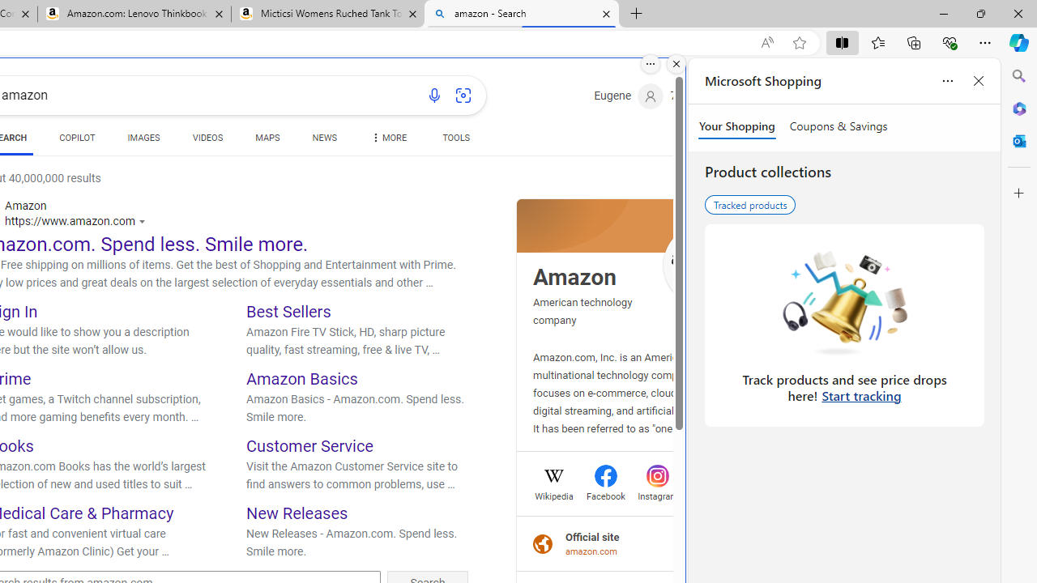 This screenshot has height=583, width=1037. Describe the element at coordinates (543, 543) in the screenshot. I see `'Class: sp-ofsite'` at that location.